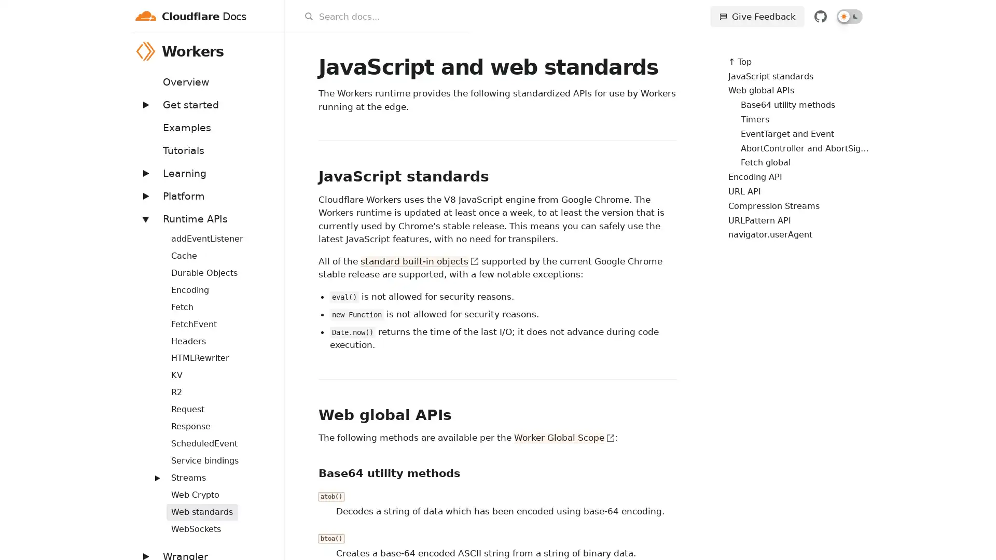 The height and width of the screenshot is (560, 996). Describe the element at coordinates (151, 438) in the screenshot. I see `Expand: Routing` at that location.